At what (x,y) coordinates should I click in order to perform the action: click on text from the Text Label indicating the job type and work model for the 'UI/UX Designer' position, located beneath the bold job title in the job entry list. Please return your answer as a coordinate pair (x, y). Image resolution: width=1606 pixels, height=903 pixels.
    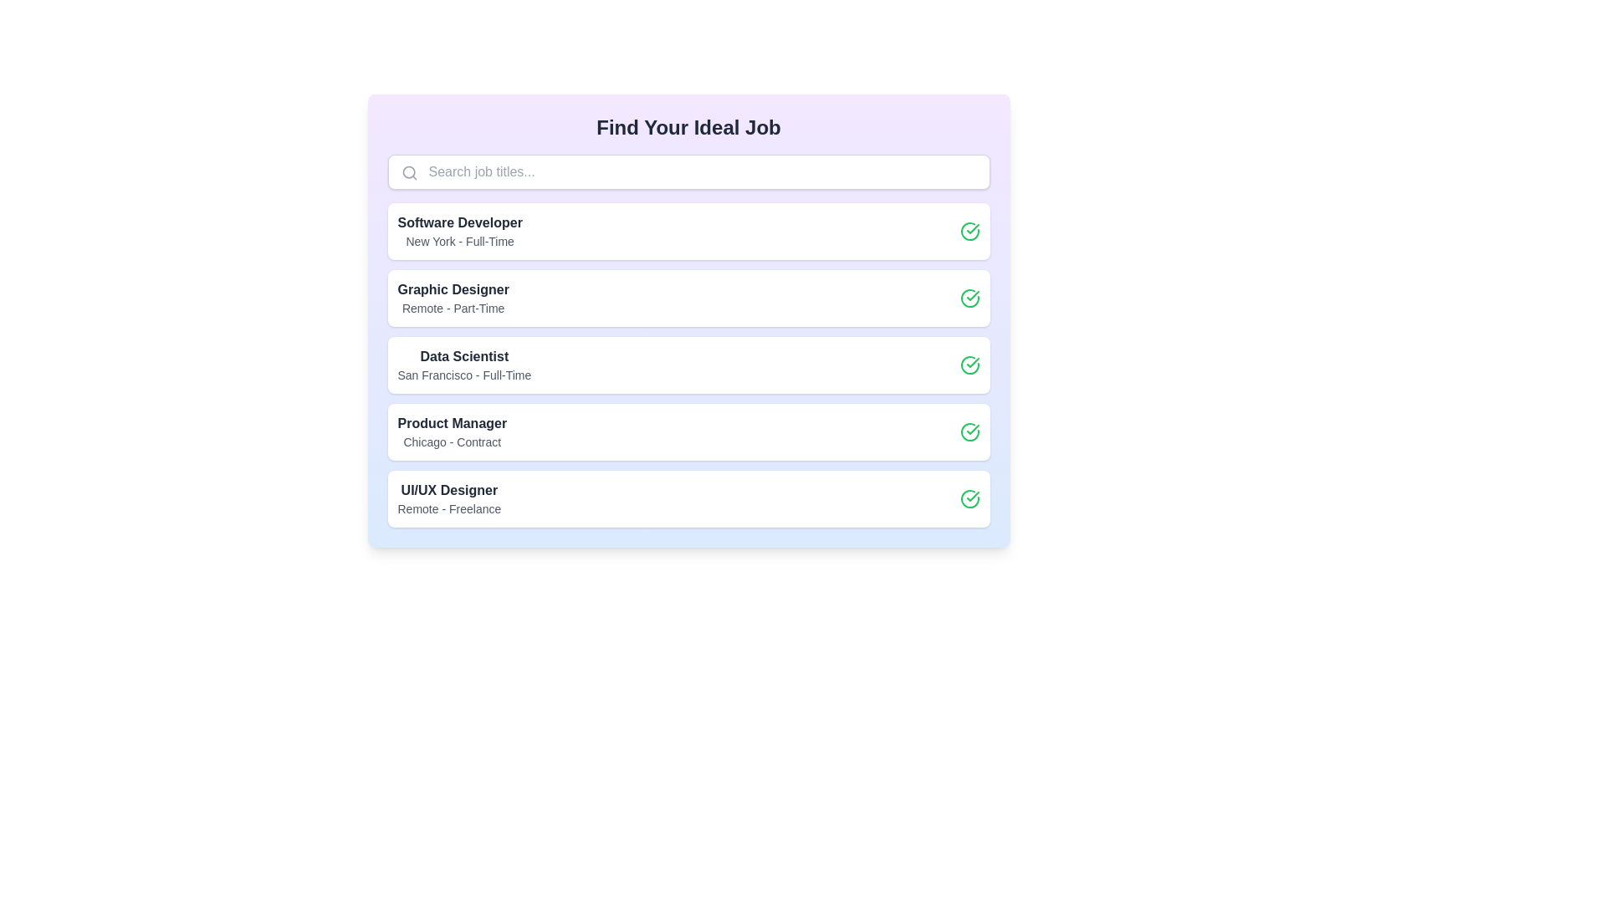
    Looking at the image, I should click on (449, 508).